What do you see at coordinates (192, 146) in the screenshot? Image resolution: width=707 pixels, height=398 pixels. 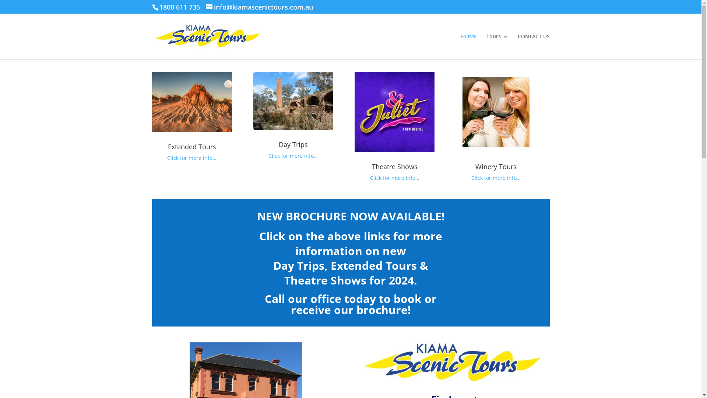 I see `'Extended Tours'` at bounding box center [192, 146].